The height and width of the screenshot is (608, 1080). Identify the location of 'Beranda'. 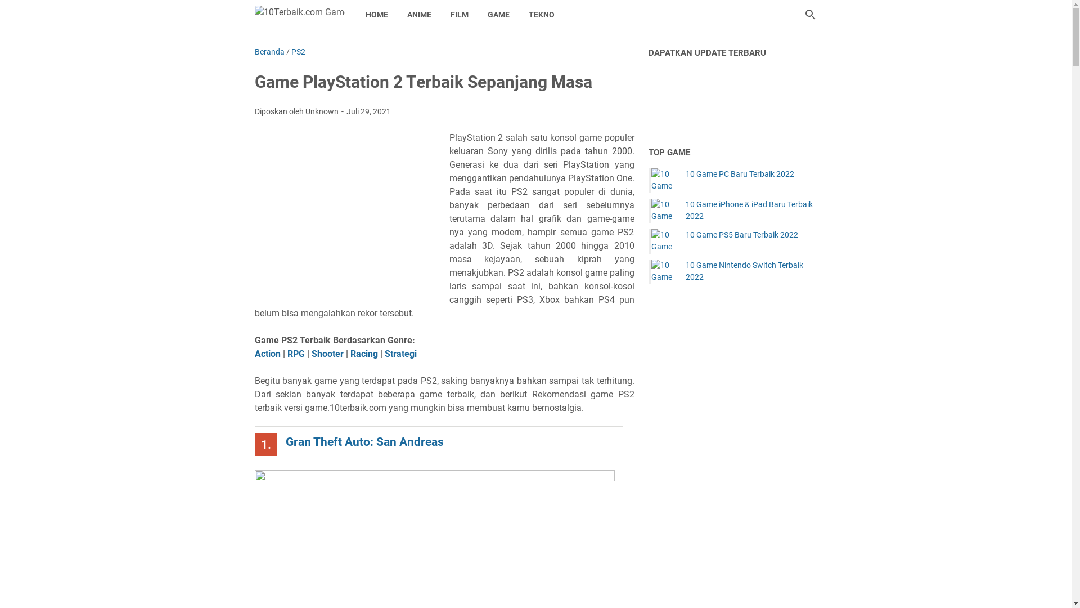
(268, 52).